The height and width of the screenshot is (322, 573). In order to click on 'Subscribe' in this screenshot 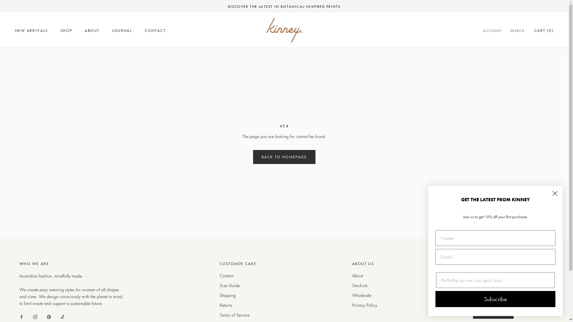, I will do `click(495, 299)`.